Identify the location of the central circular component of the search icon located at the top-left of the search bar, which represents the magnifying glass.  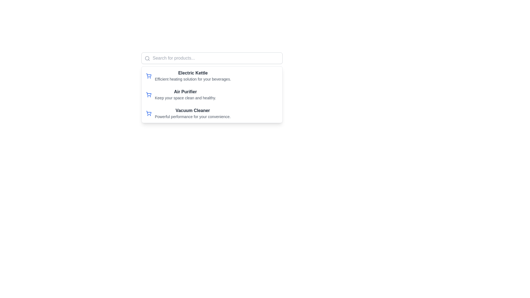
(147, 58).